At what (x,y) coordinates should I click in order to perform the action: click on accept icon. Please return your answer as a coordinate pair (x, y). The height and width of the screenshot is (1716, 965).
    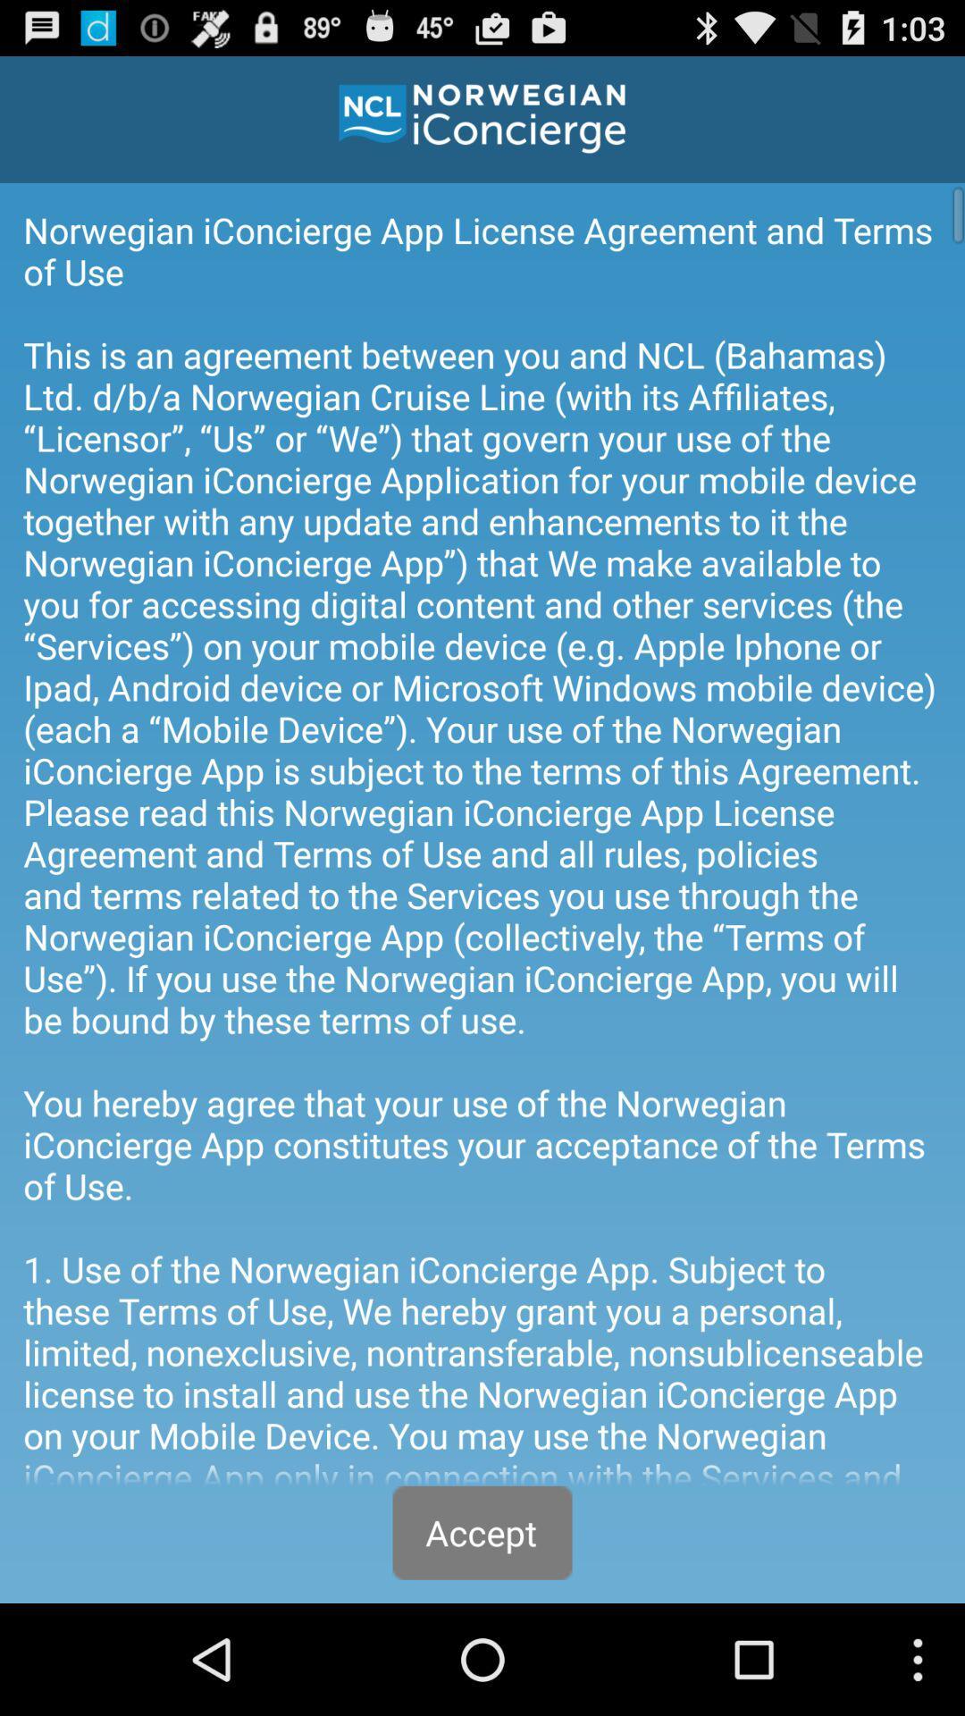
    Looking at the image, I should click on (482, 1532).